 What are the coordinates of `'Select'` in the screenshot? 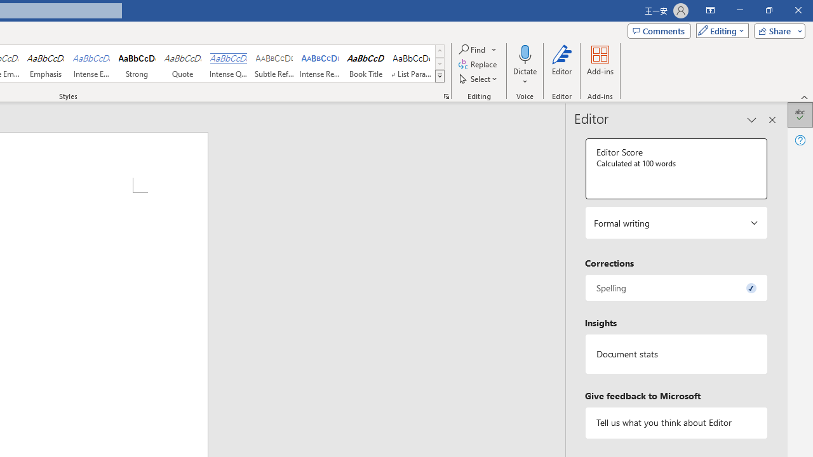 It's located at (478, 79).